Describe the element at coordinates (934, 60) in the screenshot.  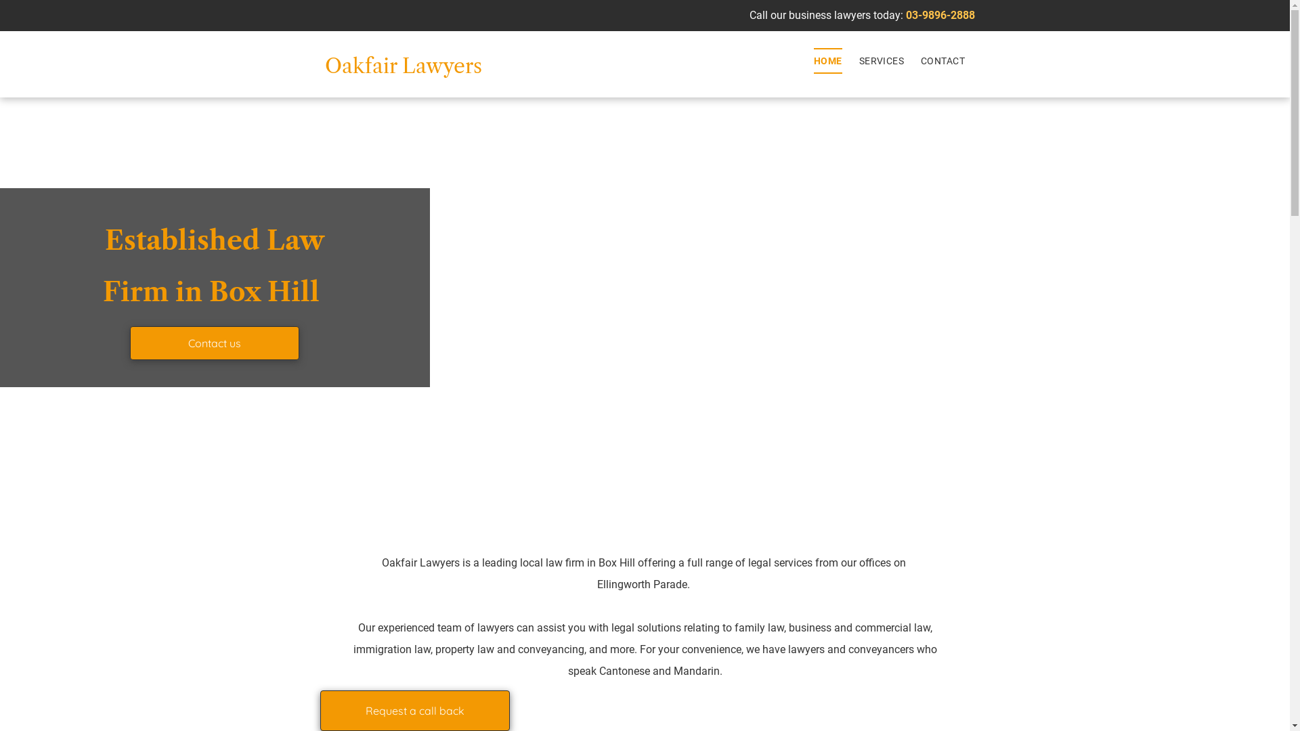
I see `'CONTACT'` at that location.